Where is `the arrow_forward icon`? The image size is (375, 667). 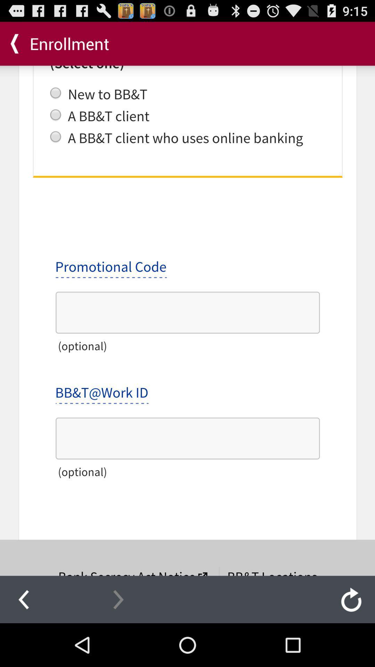
the arrow_forward icon is located at coordinates (118, 641).